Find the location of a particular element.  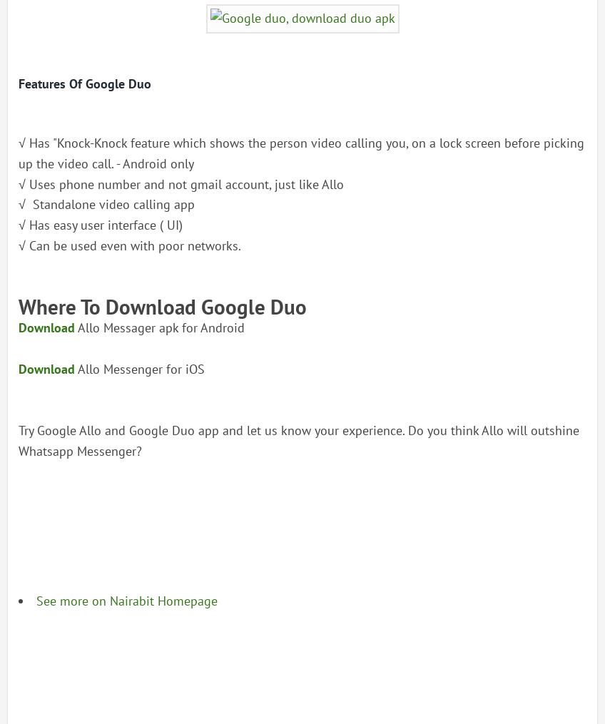

'√ Can be used even with poor networks.' is located at coordinates (129, 244).